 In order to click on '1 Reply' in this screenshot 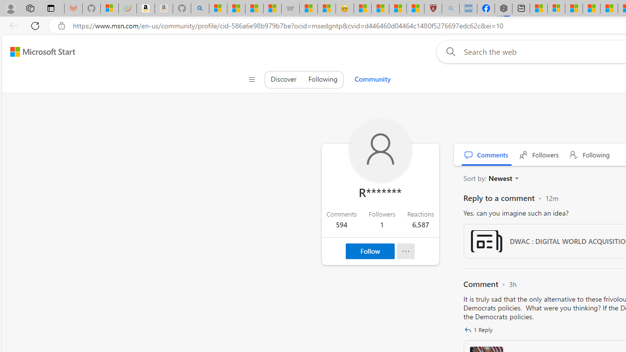, I will do `click(480, 330)`.